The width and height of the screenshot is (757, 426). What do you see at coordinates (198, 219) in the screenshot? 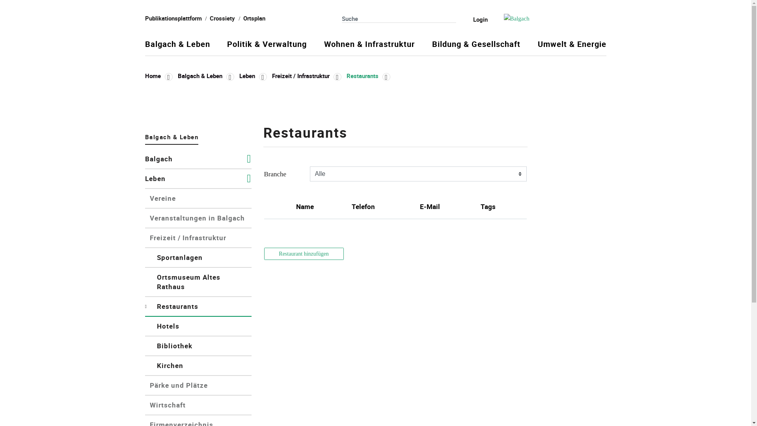
I see `'Veranstaltungen in Balgach'` at bounding box center [198, 219].